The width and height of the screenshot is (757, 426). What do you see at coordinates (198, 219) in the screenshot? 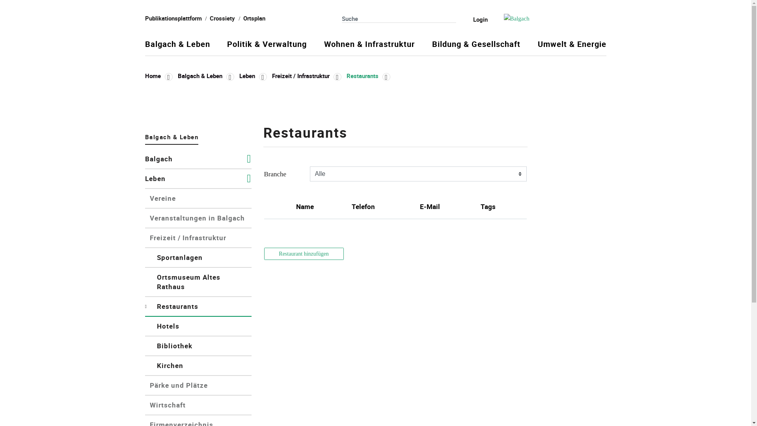
I see `'Veranstaltungen in Balgach'` at bounding box center [198, 219].